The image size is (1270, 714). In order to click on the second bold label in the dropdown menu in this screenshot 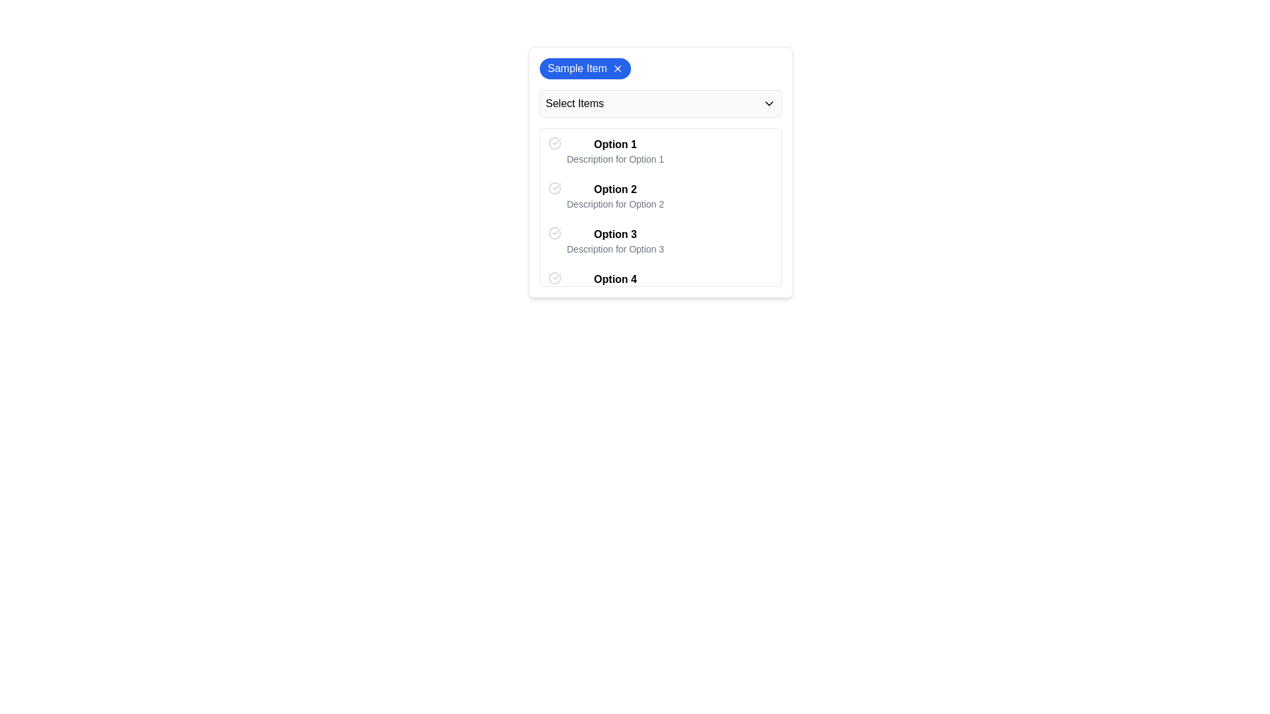, I will do `click(614, 189)`.